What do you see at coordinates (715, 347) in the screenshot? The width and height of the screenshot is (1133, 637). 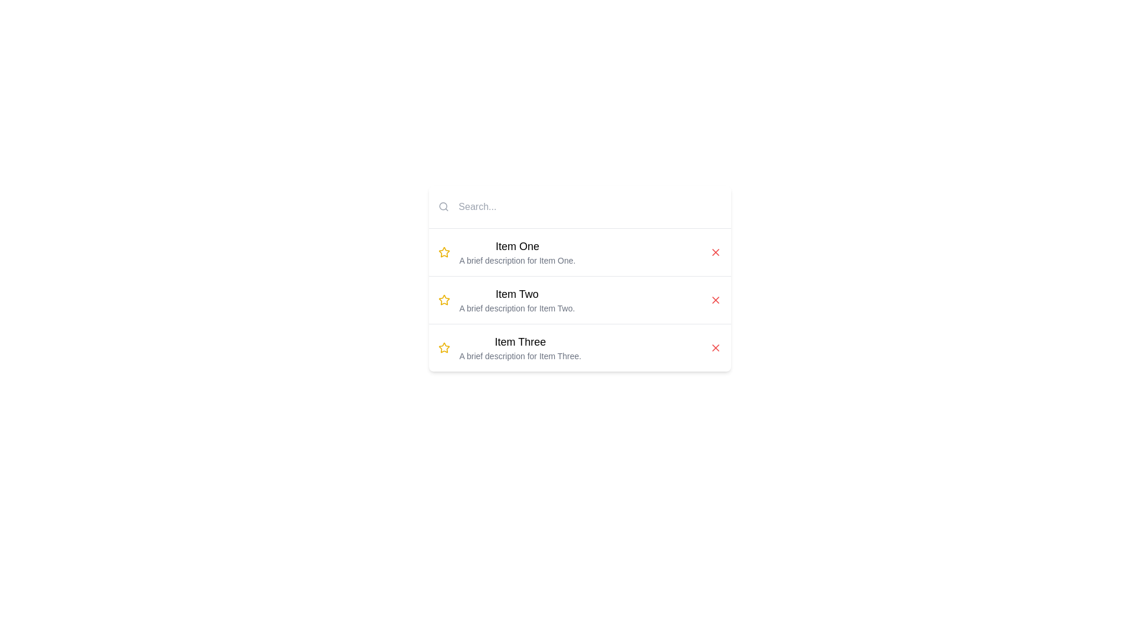 I see `the Close button, which is a small red cross icon located at the far right of the row labeled 'Item Three'` at bounding box center [715, 347].